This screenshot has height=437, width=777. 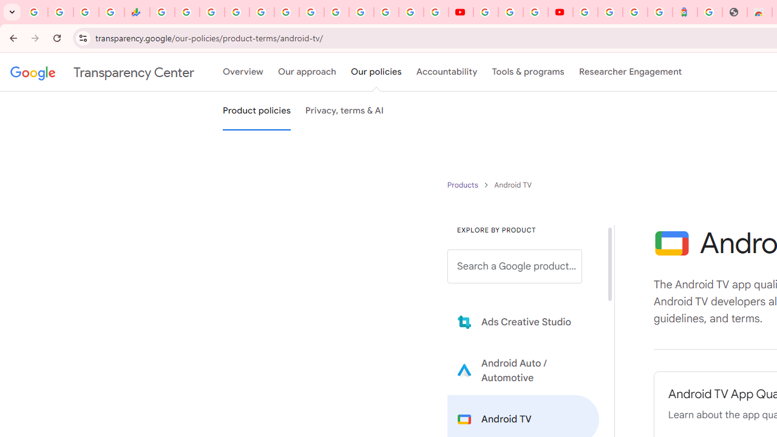 I want to click on 'Google Account Help', so click(x=510, y=12).